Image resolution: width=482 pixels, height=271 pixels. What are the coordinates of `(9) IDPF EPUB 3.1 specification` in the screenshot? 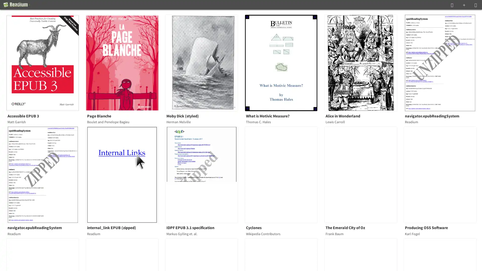 It's located at (205, 174).